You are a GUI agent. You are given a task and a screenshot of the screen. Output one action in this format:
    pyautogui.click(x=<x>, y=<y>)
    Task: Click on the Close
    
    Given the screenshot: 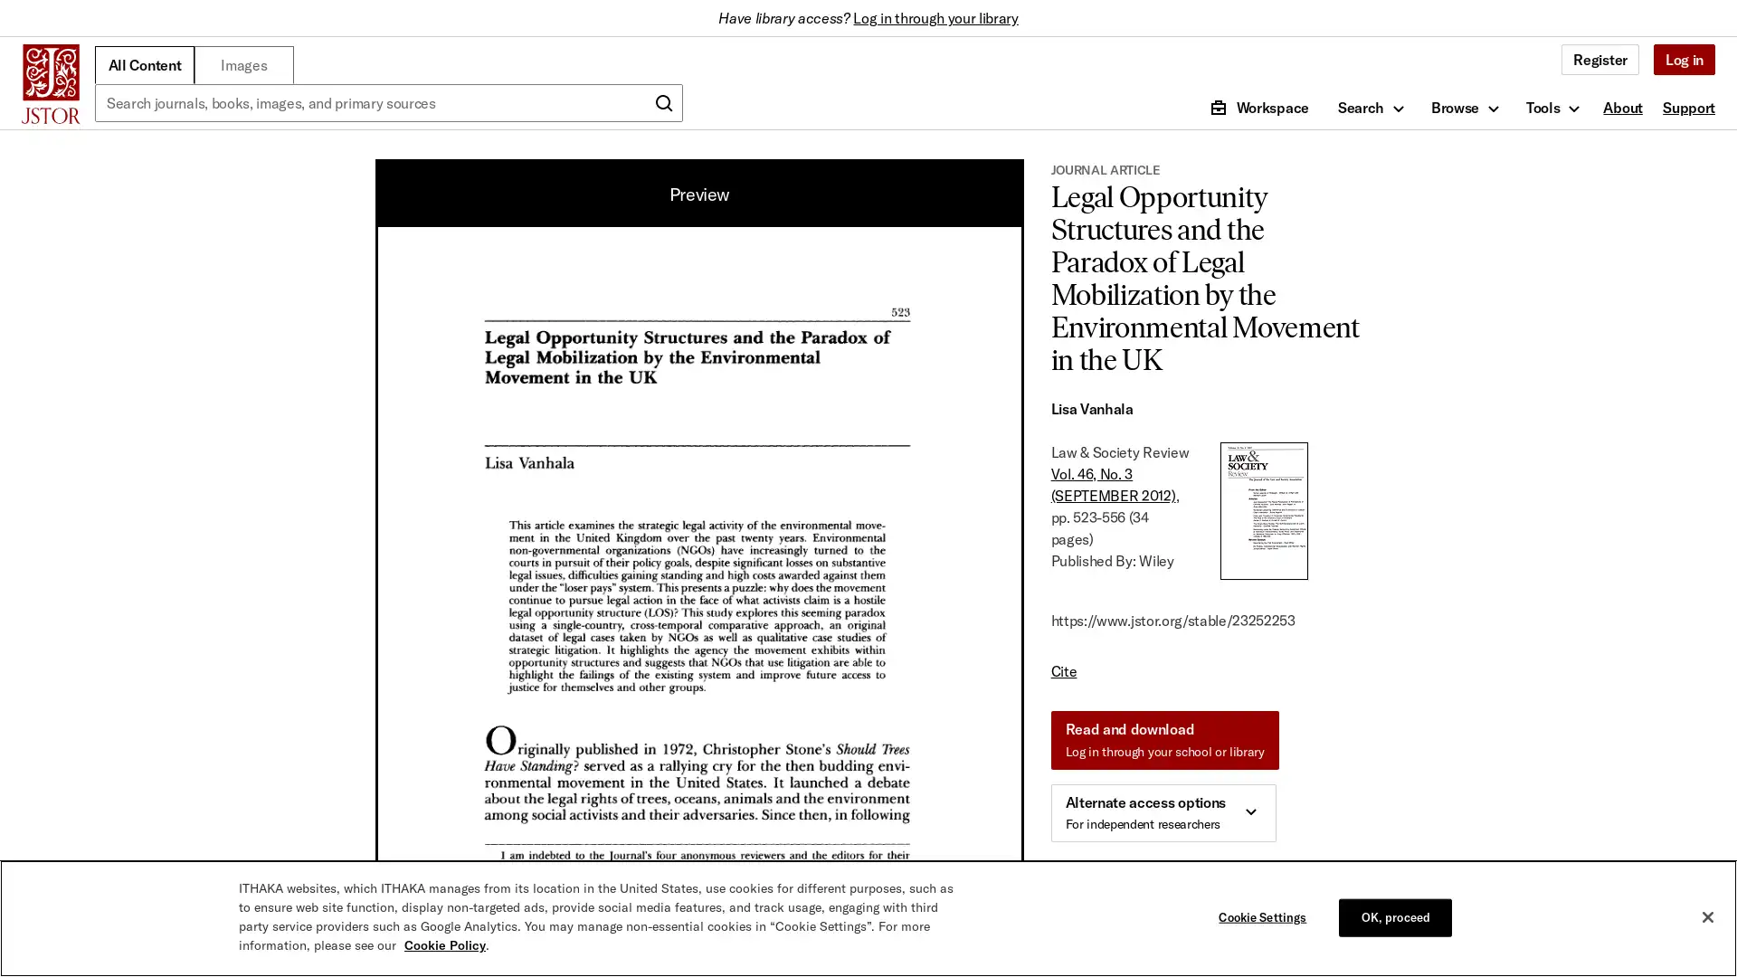 What is the action you would take?
    pyautogui.click(x=1706, y=917)
    